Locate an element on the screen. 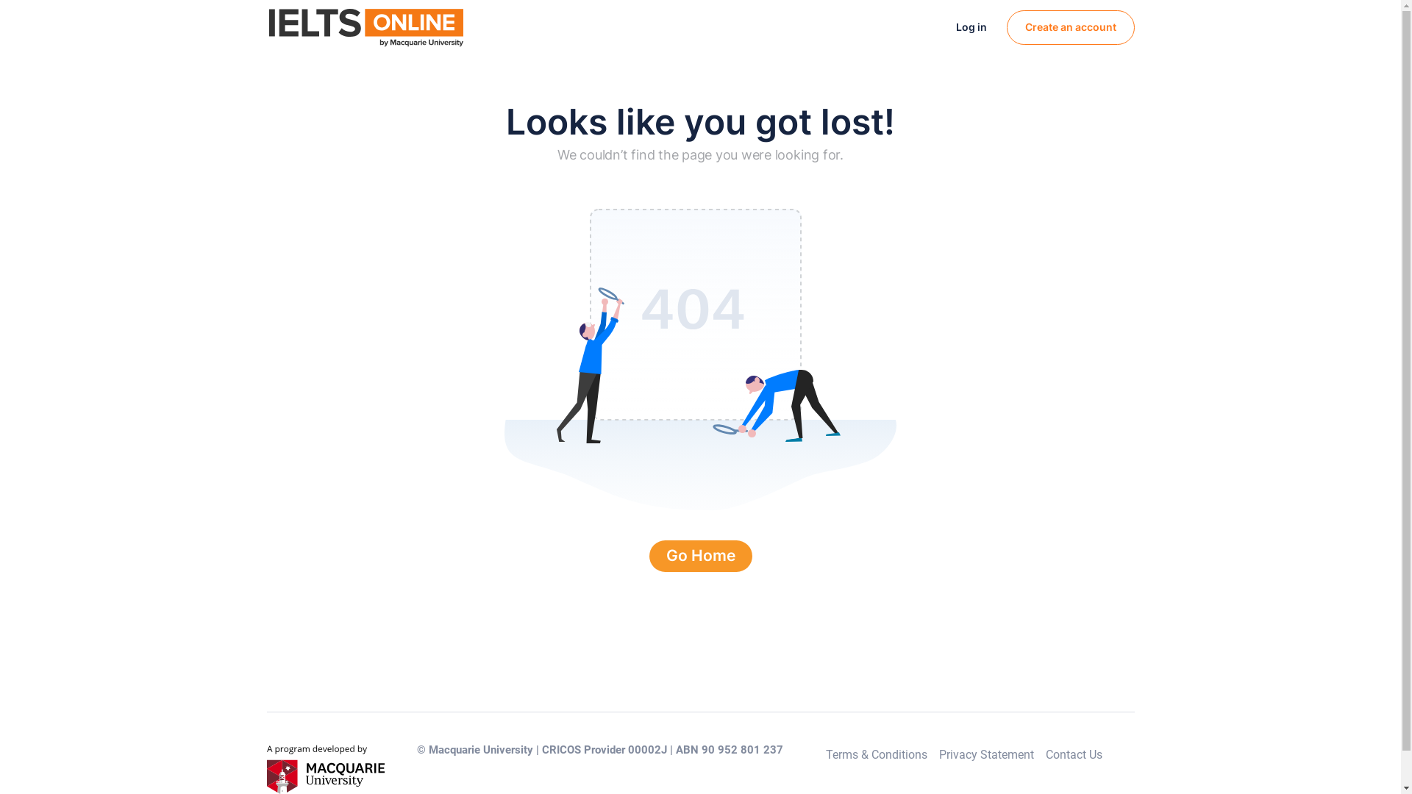 This screenshot has width=1412, height=794. 'Contact Us' is located at coordinates (1074, 754).